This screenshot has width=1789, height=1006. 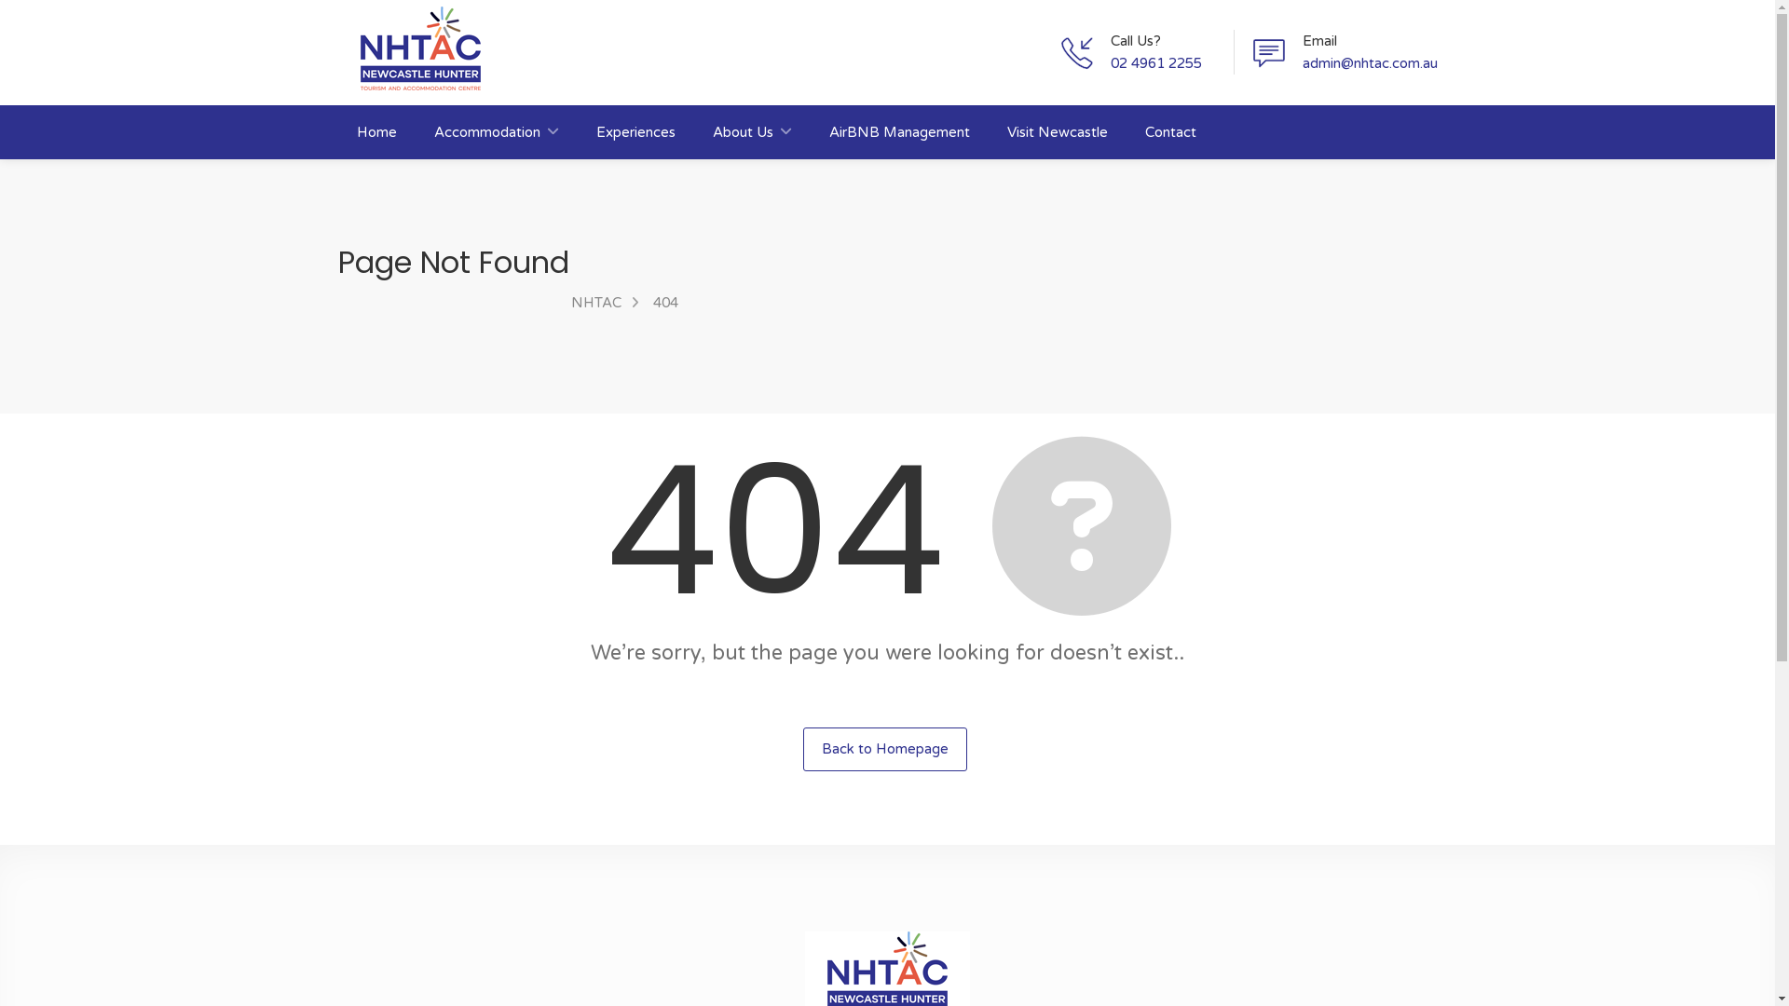 What do you see at coordinates (884, 748) in the screenshot?
I see `'Back to Homepage'` at bounding box center [884, 748].